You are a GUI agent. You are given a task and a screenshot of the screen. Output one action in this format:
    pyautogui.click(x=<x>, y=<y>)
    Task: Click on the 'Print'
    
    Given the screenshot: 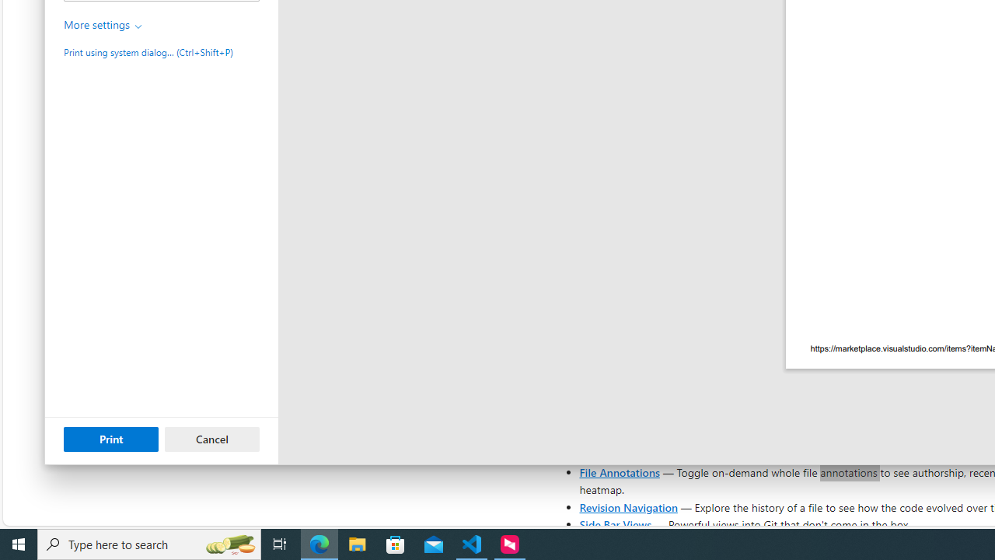 What is the action you would take?
    pyautogui.click(x=110, y=439)
    